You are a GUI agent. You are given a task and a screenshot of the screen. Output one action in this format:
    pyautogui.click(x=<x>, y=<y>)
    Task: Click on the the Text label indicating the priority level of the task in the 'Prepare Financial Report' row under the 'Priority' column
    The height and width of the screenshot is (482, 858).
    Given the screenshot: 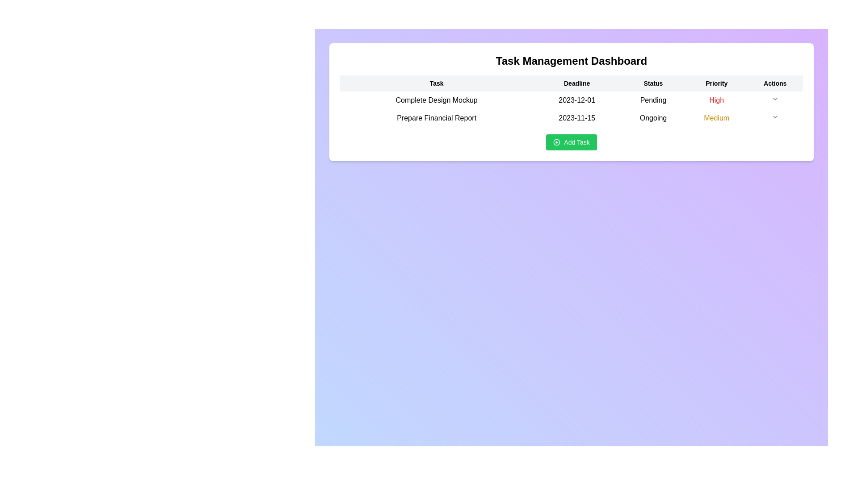 What is the action you would take?
    pyautogui.click(x=716, y=118)
    